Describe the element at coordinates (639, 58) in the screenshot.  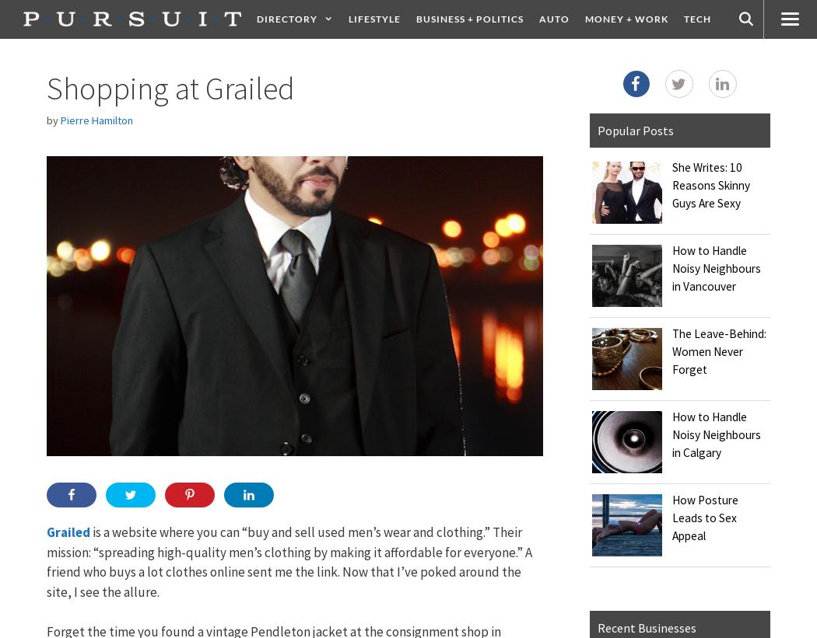
I see `'Contests'` at that location.